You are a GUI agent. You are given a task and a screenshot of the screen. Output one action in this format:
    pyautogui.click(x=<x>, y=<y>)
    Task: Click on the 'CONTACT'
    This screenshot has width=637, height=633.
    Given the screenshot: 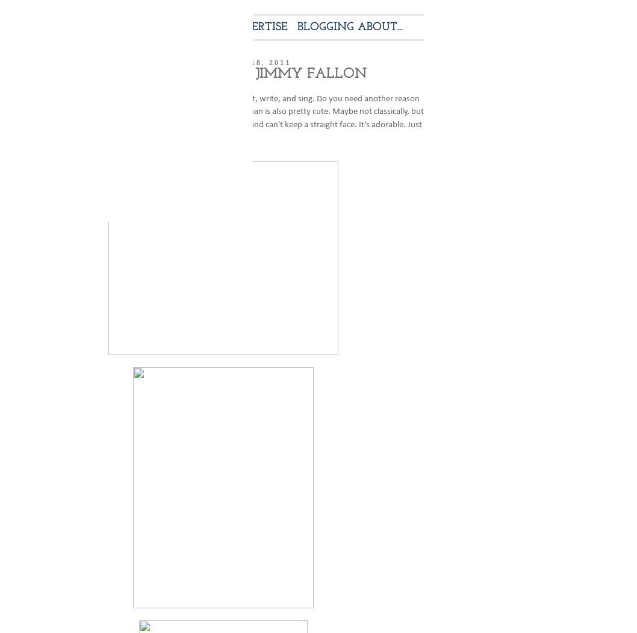 What is the action you would take?
    pyautogui.click(x=159, y=27)
    